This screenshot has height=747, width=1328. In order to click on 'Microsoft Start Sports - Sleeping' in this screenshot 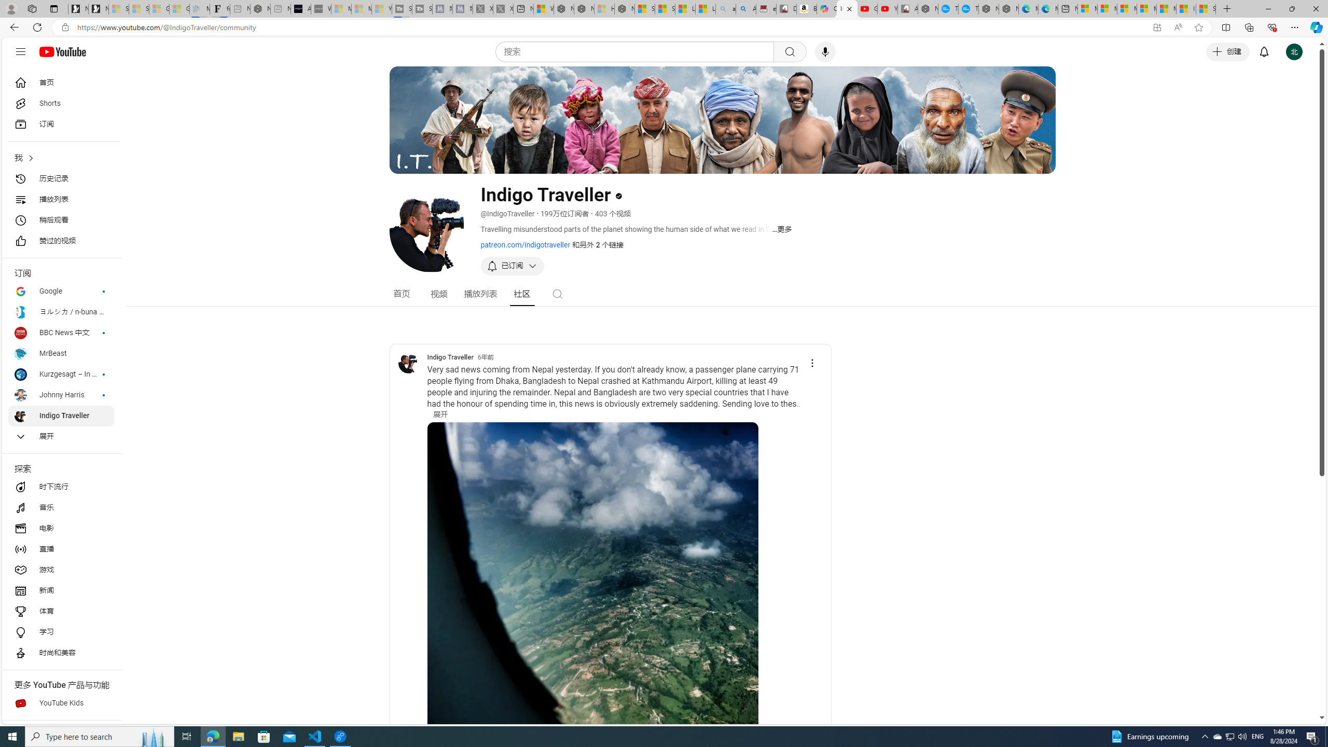, I will do `click(340, 8)`.